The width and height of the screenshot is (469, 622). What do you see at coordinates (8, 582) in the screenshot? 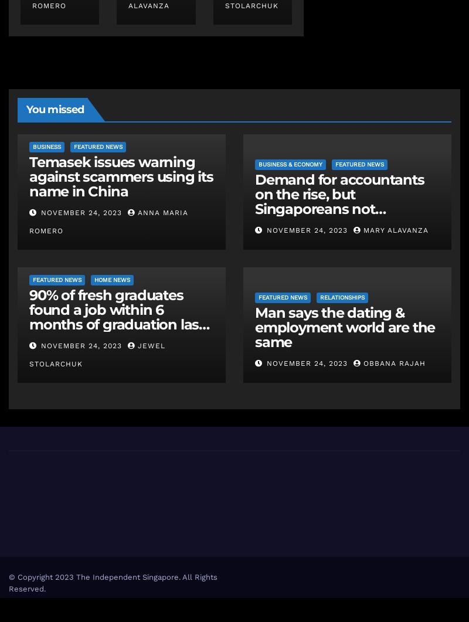
I see `'© Copyright 2023 The Independent Singapore. All Rights Reserved.'` at bounding box center [8, 582].